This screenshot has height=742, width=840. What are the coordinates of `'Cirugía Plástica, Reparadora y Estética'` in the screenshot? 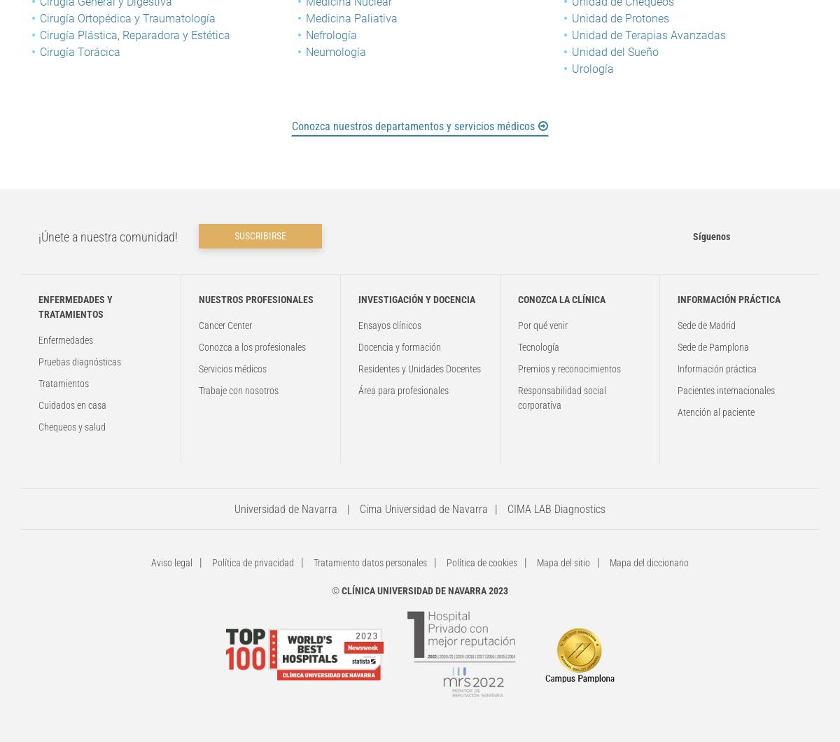 It's located at (134, 35).